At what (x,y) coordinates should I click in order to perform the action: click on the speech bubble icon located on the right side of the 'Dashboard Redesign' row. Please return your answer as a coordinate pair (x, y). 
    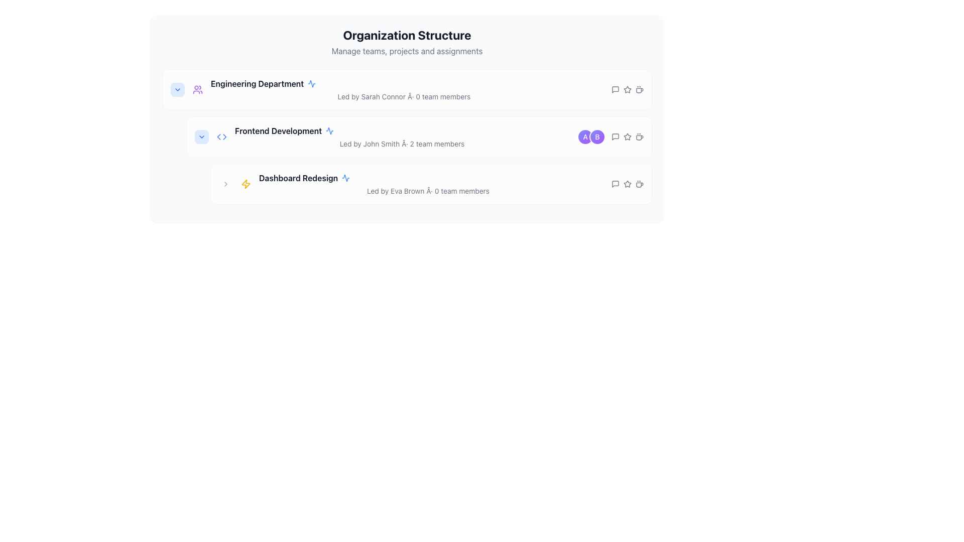
    Looking at the image, I should click on (615, 184).